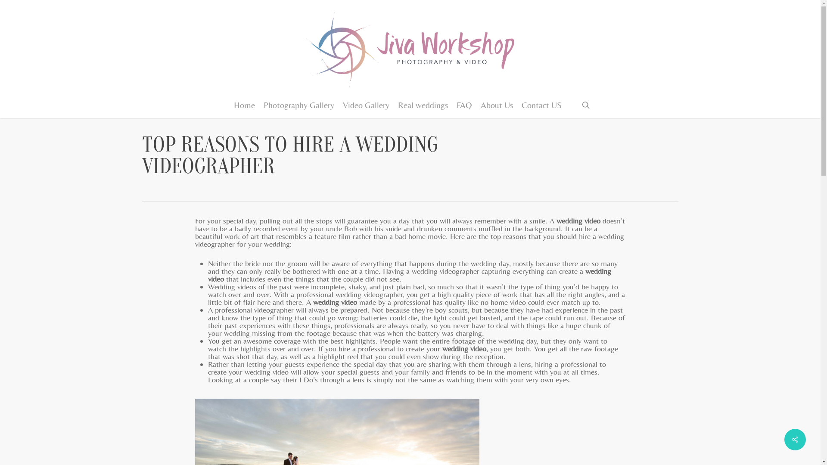 The width and height of the screenshot is (827, 465). Describe the element at coordinates (366, 104) in the screenshot. I see `'Video Gallery'` at that location.